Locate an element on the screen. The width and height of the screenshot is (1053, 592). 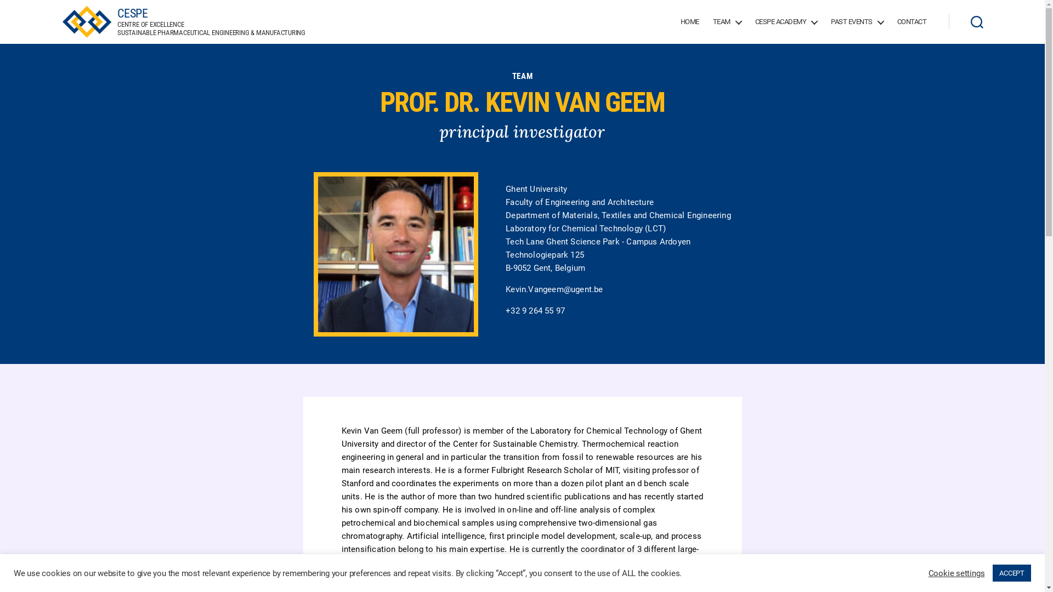
'ACCEPT' is located at coordinates (1011, 572).